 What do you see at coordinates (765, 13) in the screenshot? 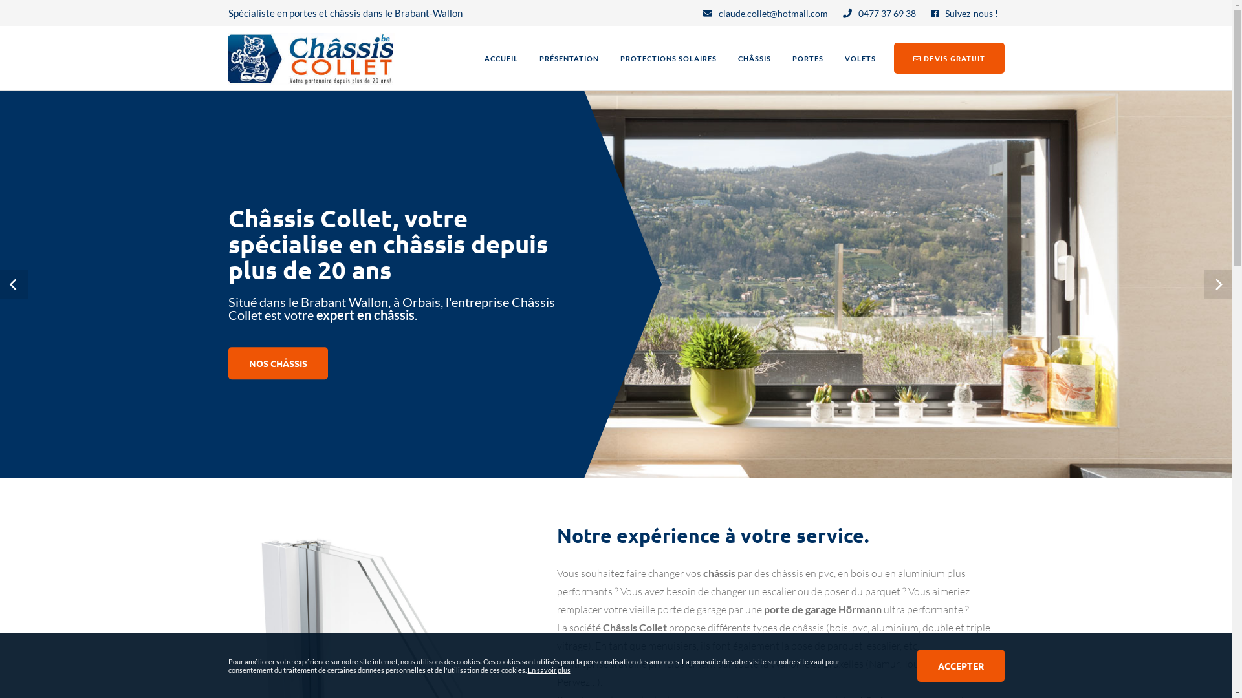
I see `'claude.collet@hotmail.com'` at bounding box center [765, 13].